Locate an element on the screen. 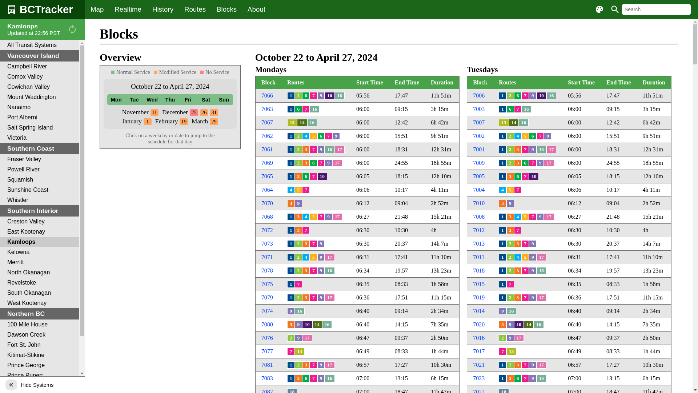  '17' is located at coordinates (307, 338).